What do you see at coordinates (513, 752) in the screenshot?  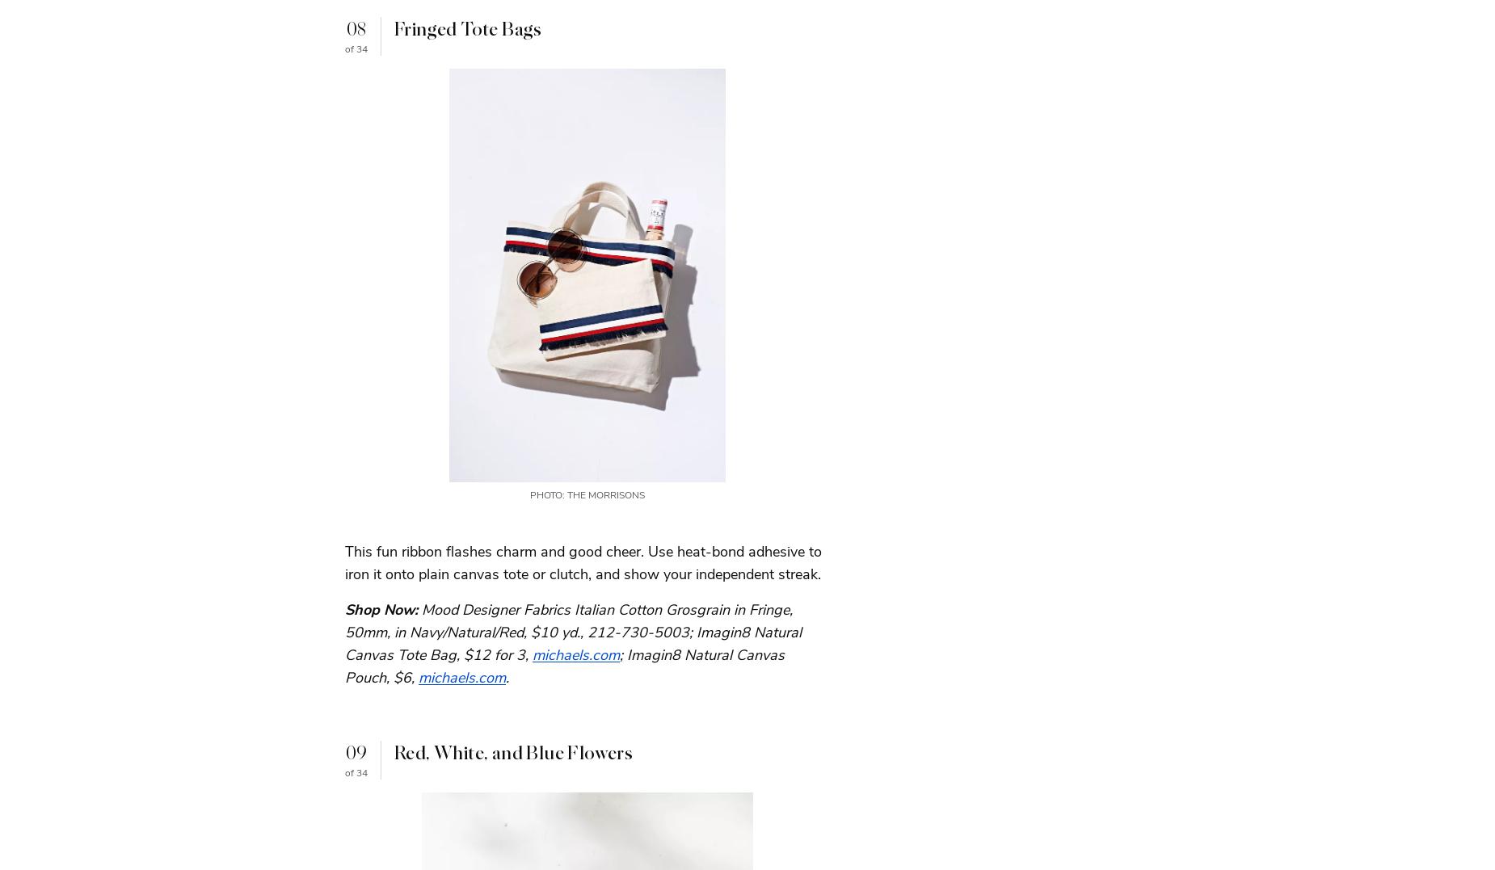 I see `'Red, White, and Blue Flowers'` at bounding box center [513, 752].